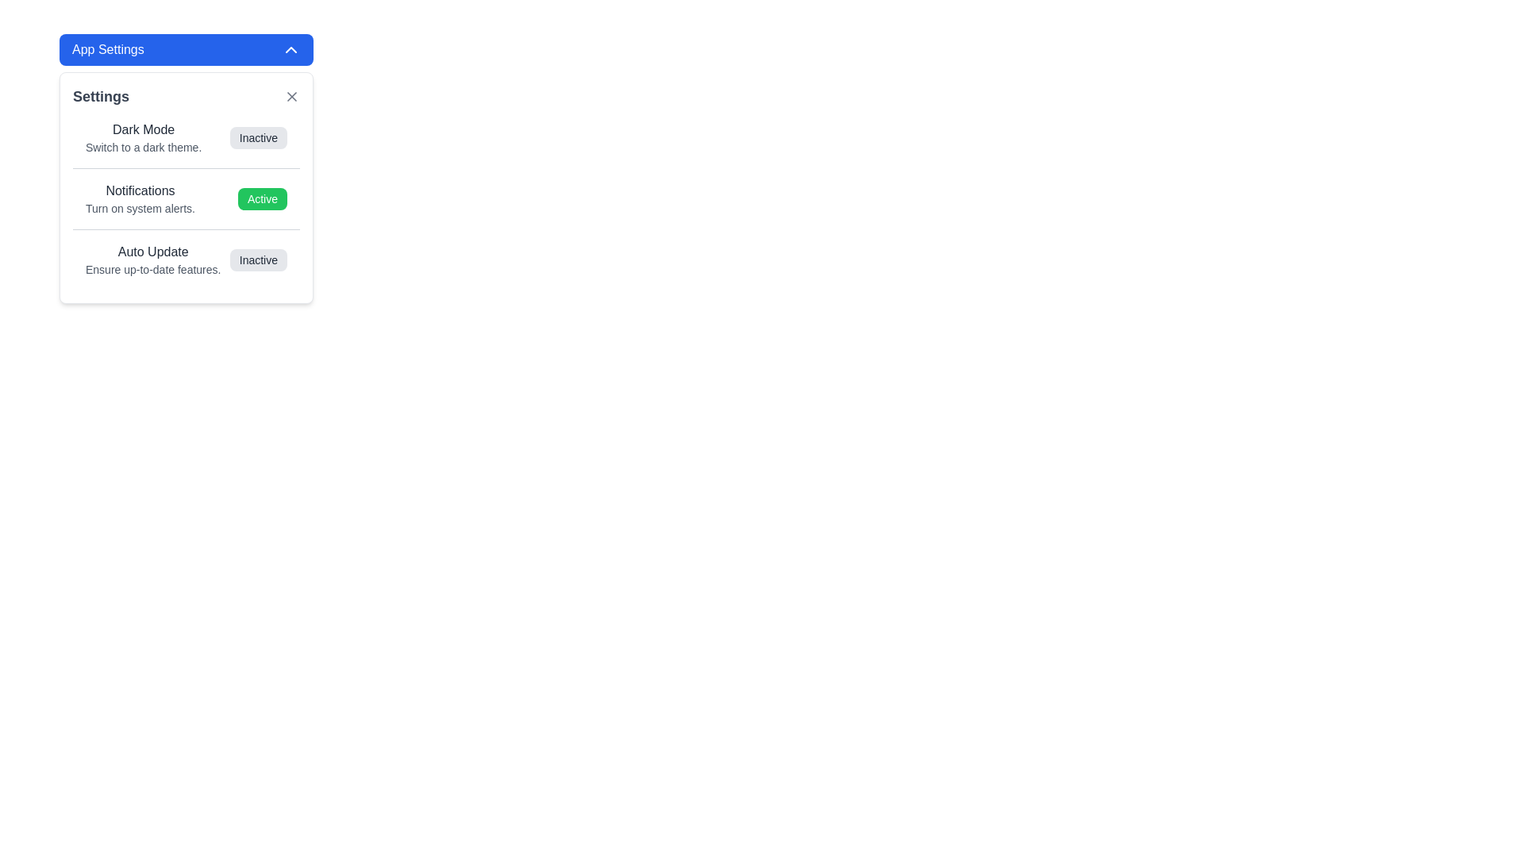 The width and height of the screenshot is (1524, 857). What do you see at coordinates (292, 97) in the screenshot?
I see `the 'X' icon in the header of the 'Settings' card` at bounding box center [292, 97].